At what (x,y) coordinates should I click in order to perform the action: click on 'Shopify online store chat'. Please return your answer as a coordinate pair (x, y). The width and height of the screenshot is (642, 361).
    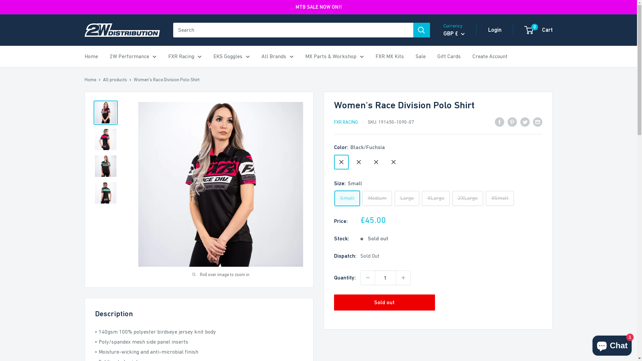
    Looking at the image, I should click on (612, 344).